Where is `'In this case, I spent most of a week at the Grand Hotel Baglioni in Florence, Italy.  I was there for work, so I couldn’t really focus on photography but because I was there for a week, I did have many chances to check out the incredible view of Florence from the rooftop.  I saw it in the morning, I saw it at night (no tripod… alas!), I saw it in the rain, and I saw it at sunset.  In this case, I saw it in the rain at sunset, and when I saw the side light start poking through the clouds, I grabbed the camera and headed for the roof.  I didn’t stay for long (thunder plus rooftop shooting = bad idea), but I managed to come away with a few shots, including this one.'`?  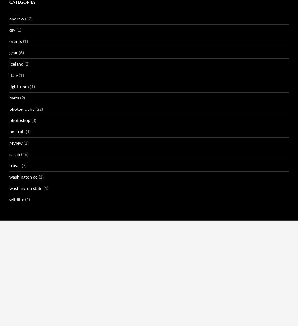
'In this case, I spent most of a week at the Grand Hotel Baglioni in Florence, Italy.  I was there for work, so I couldn’t really focus on photography but because I was there for a week, I did have many chances to check out the incredible view of Florence from the rooftop.  I saw it in the morning, I saw it at night (no tripod… alas!), I saw it in the rain, and I saw it at sunset.  In this case, I saw it in the rain at sunset, and when I saw the side light start poking through the clouds, I grabbed the camera and headed for the roof.  I didn’t stay for long (thunder plus rooftop shooting = bad idea), but I managed to come away with a few shots, including this one.' is located at coordinates (148, 190).